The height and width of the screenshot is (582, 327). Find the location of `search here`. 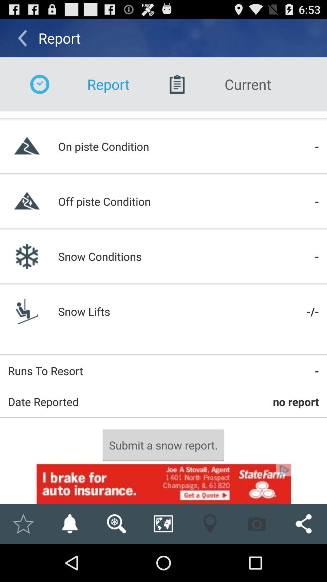

search here is located at coordinates (116, 523).